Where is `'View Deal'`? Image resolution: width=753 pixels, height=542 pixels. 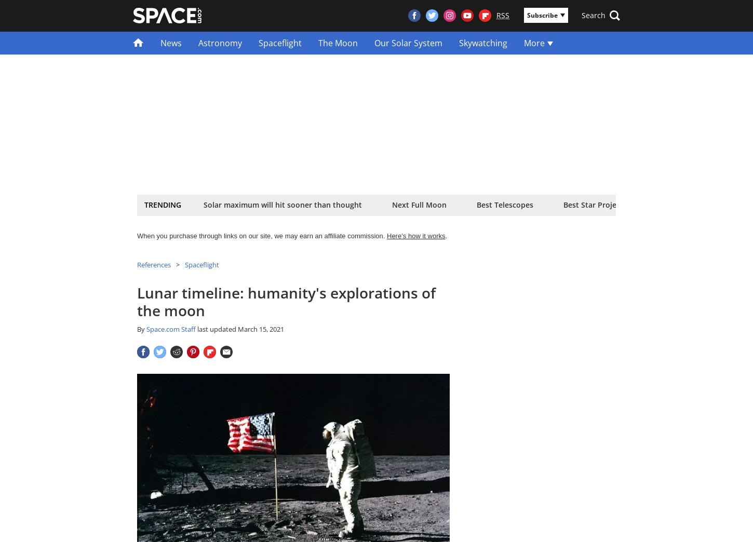 'View Deal' is located at coordinates (429, 243).